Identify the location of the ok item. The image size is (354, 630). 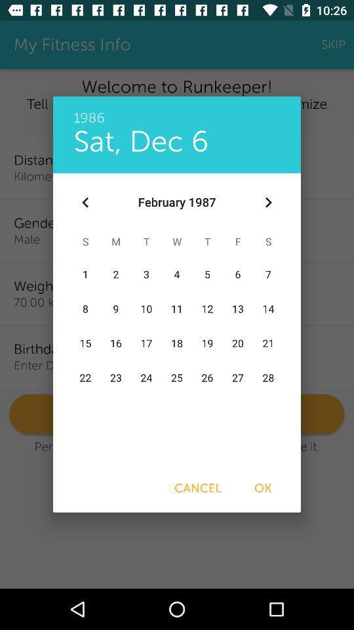
(263, 488).